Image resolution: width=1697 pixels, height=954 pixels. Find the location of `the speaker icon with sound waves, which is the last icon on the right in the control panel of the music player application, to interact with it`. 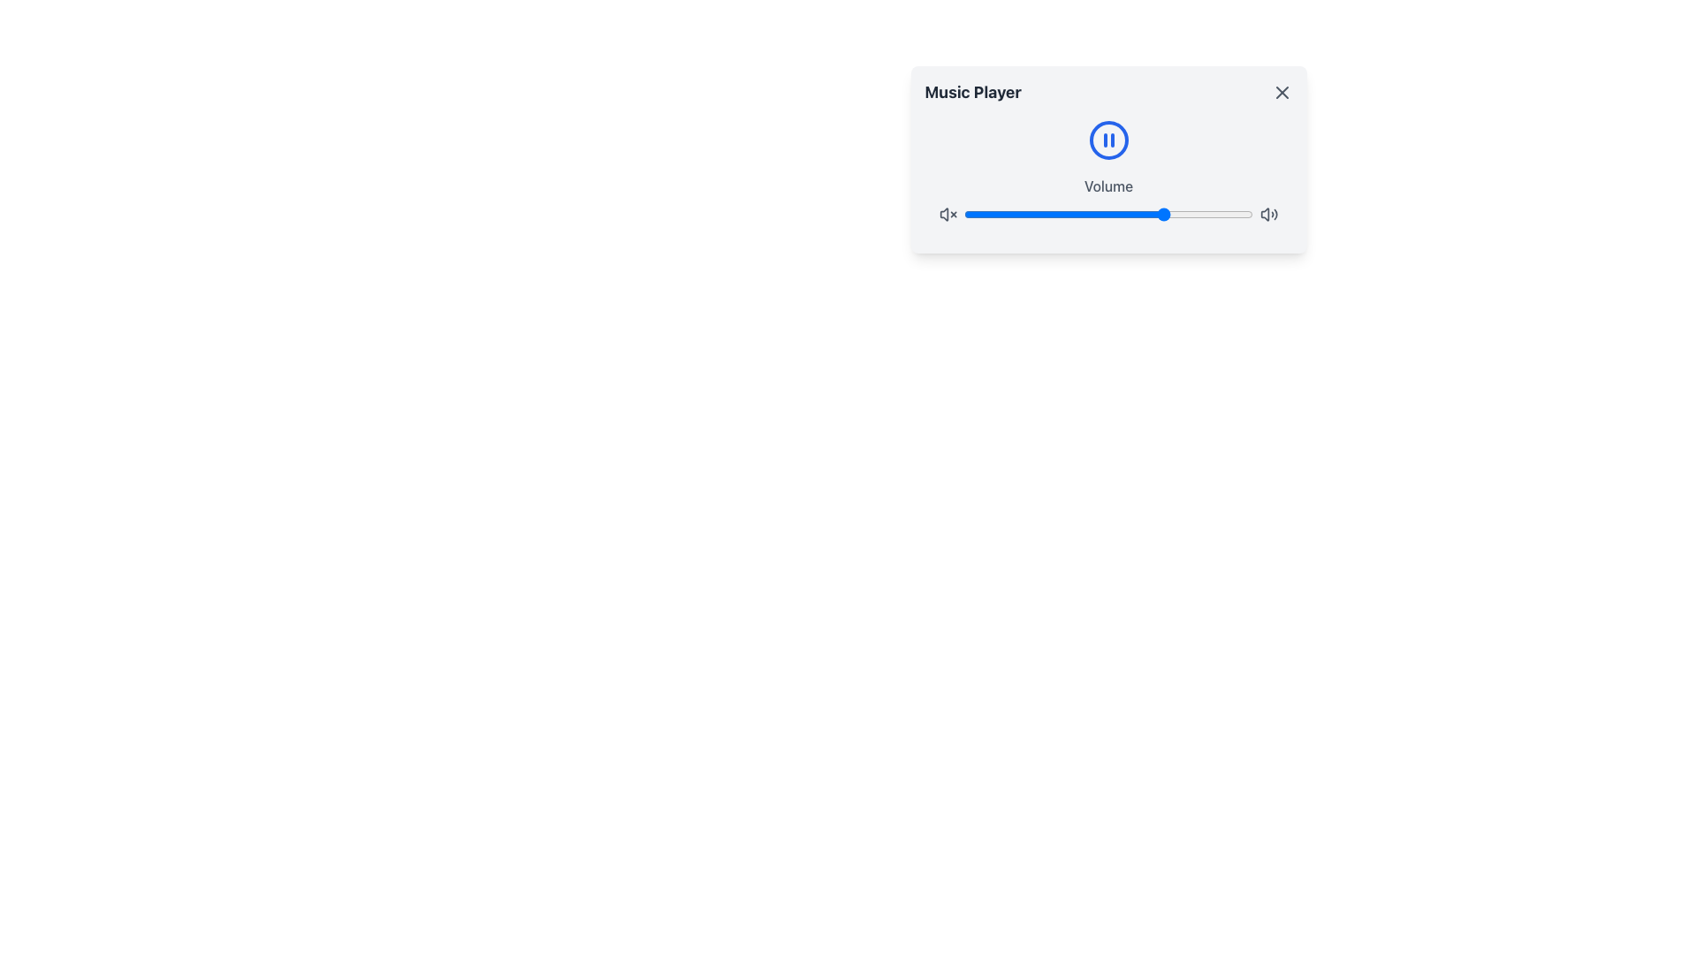

the speaker icon with sound waves, which is the last icon on the right in the control panel of the music player application, to interact with it is located at coordinates (1268, 214).